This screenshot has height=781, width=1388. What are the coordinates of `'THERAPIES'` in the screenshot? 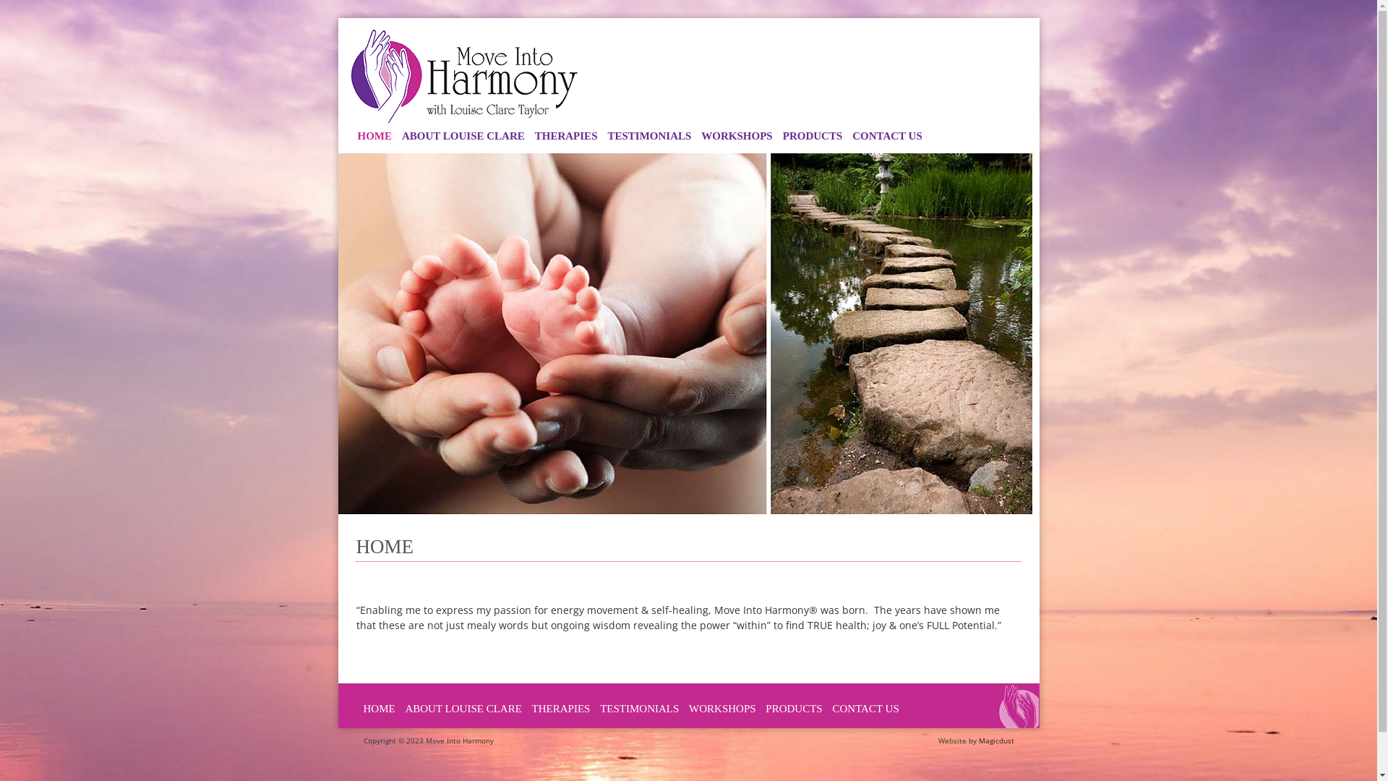 It's located at (565, 136).